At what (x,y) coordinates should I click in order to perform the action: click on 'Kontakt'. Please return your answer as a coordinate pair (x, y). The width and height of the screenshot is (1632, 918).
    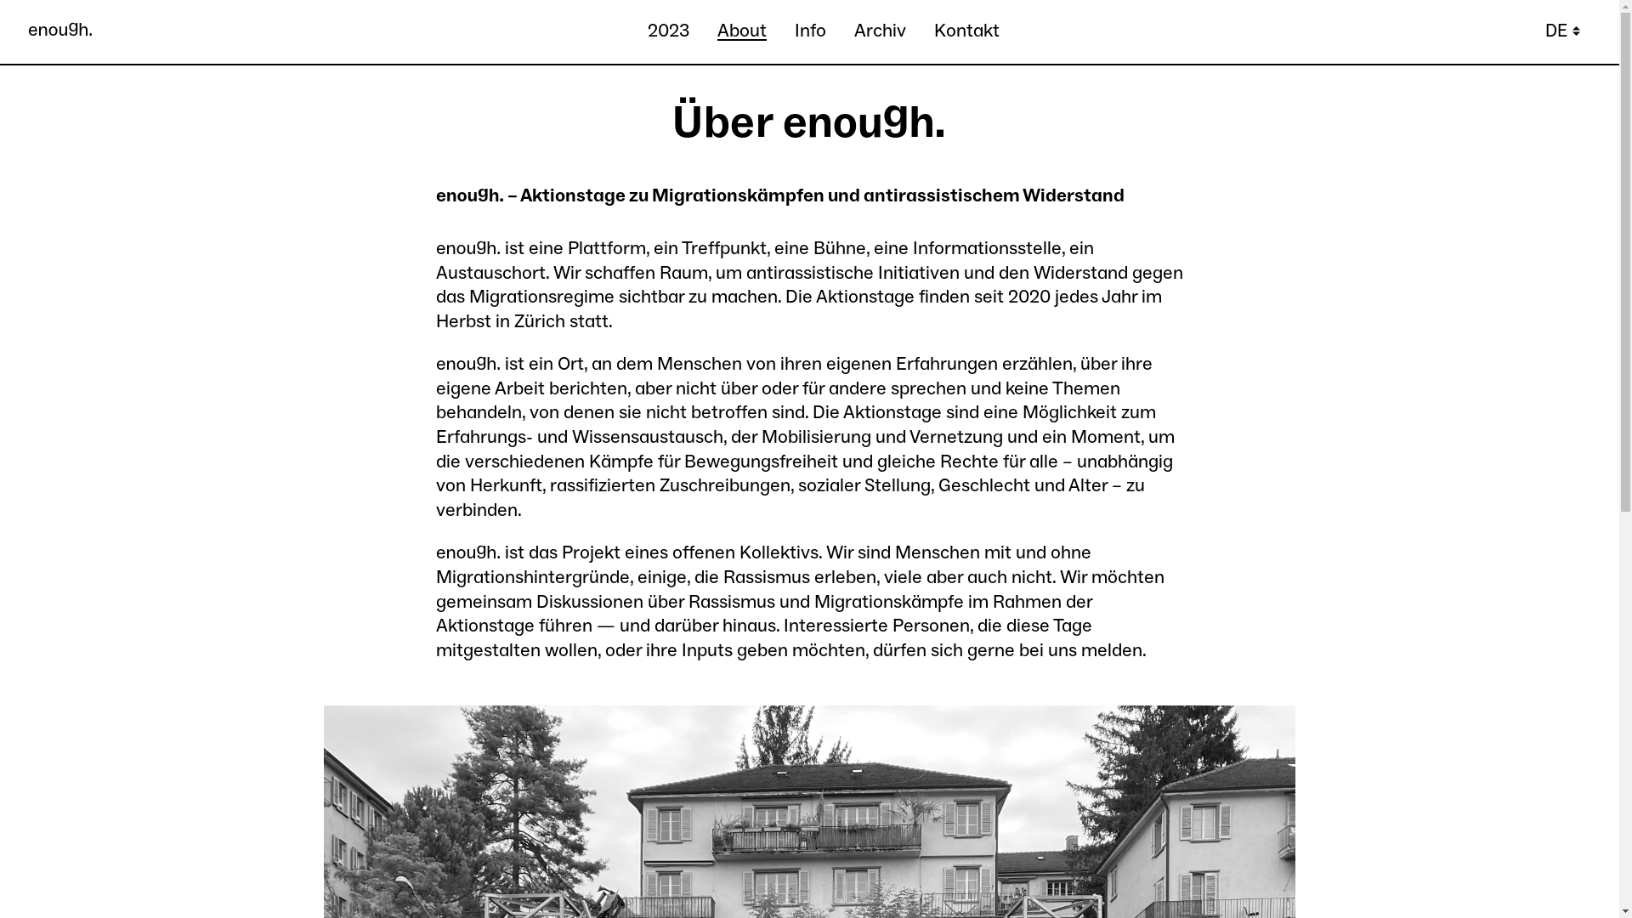
    Looking at the image, I should click on (966, 31).